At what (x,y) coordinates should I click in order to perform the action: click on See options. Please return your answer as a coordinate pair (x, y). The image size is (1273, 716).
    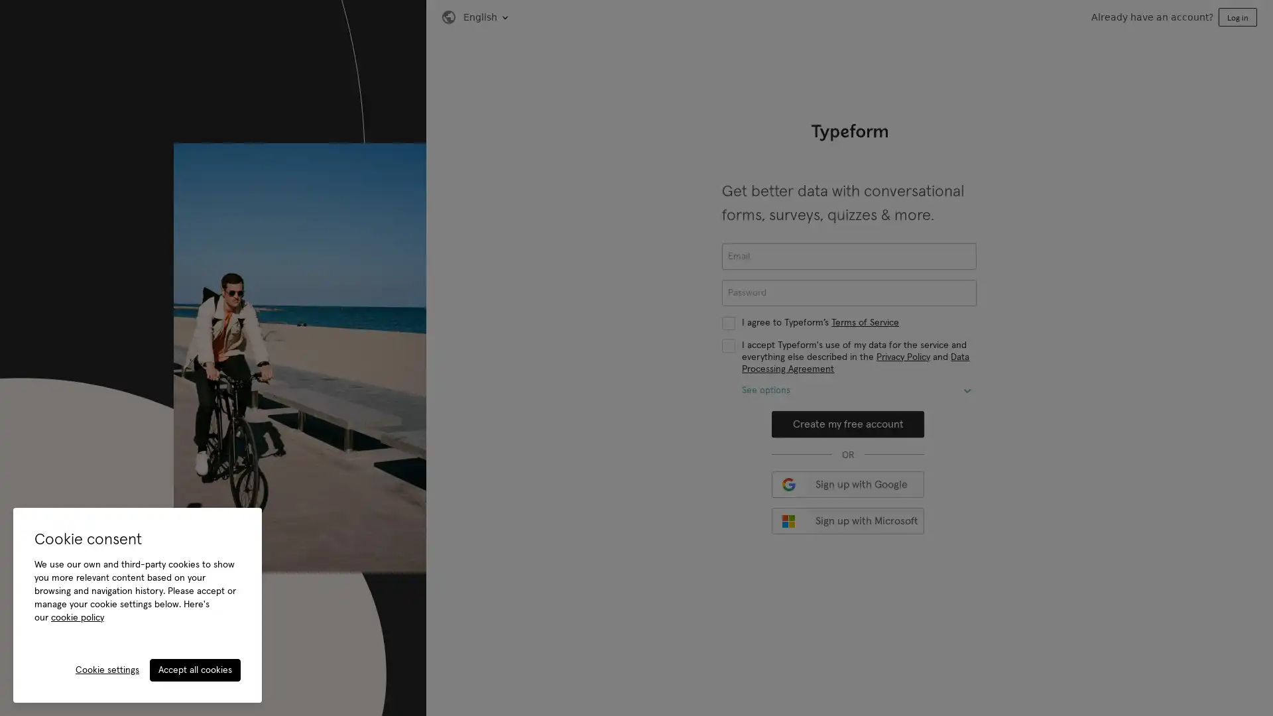
    Looking at the image, I should click on (967, 390).